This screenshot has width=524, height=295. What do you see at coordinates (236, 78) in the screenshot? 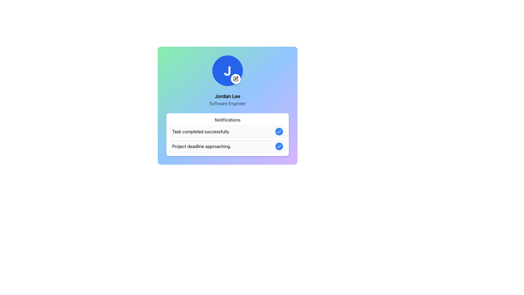
I see `the pen-shaped editing icon located at the bottom right of the overlay on the user's profile picture to indicate modification functionality` at bounding box center [236, 78].